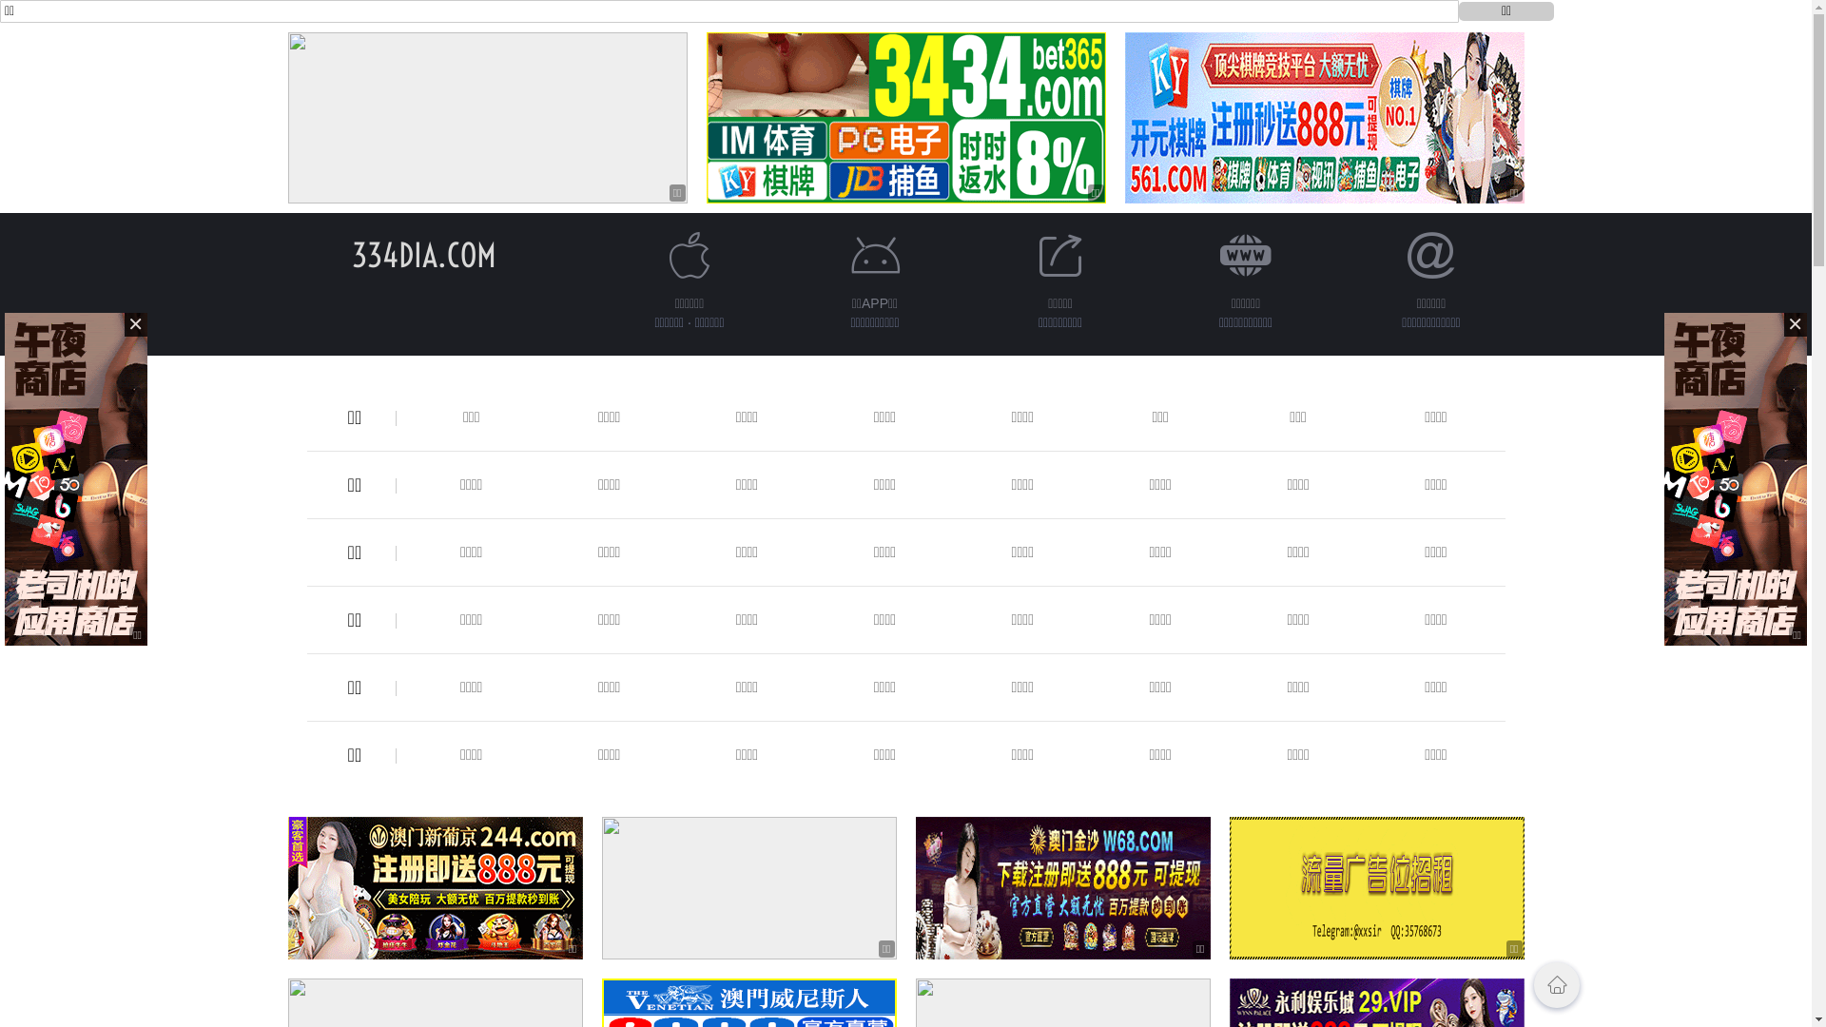 The width and height of the screenshot is (1826, 1027). I want to click on '334DIA.COM', so click(423, 254).